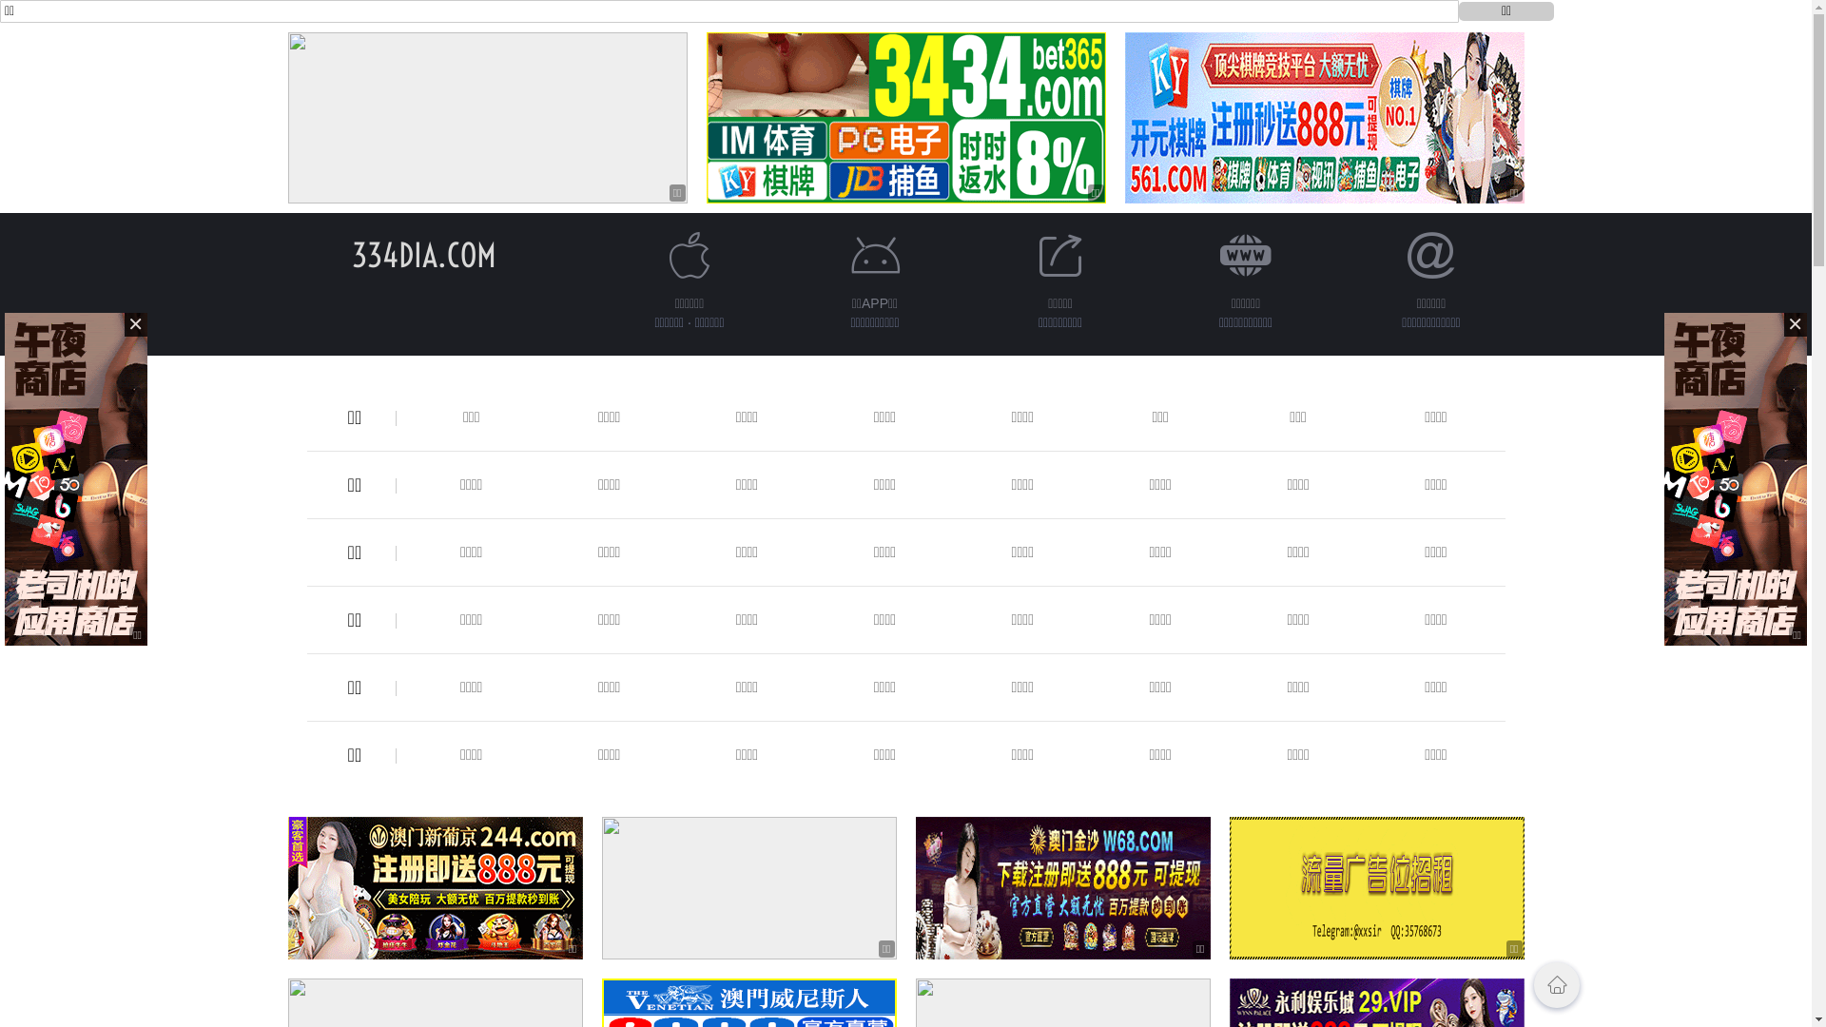 The width and height of the screenshot is (1826, 1027). I want to click on '334DIA.COM', so click(423, 254).